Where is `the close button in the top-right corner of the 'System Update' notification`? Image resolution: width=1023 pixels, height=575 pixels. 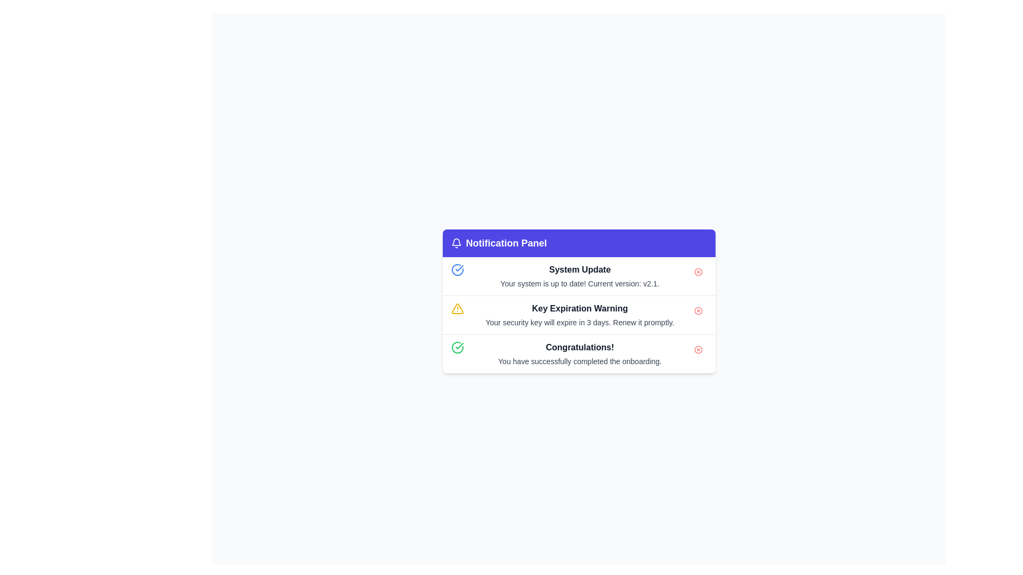 the close button in the top-right corner of the 'System Update' notification is located at coordinates (698, 271).